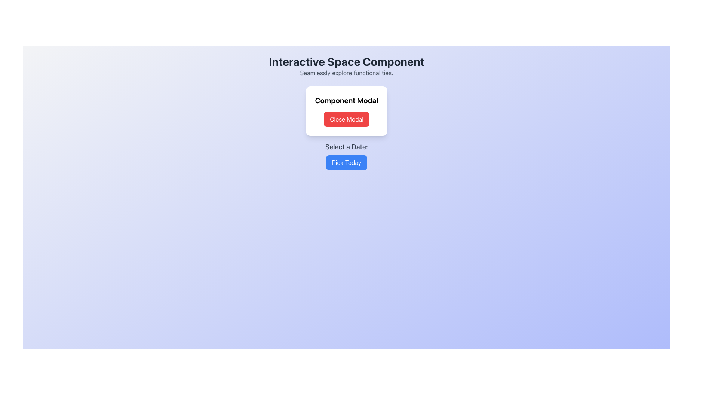  Describe the element at coordinates (346, 119) in the screenshot. I see `the close button located directly below the 'Component Modal' text inside the white rectangular modal` at that location.